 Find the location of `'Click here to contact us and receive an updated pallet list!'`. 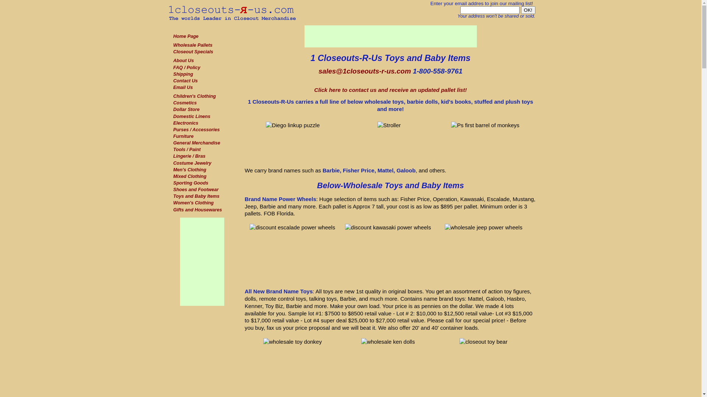

'Click here to contact us and receive an updated pallet list!' is located at coordinates (314, 89).